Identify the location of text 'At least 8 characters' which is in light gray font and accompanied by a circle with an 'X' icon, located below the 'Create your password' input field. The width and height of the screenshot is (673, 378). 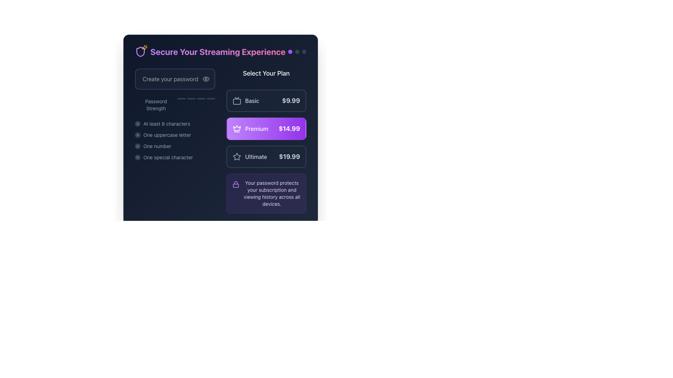
(175, 124).